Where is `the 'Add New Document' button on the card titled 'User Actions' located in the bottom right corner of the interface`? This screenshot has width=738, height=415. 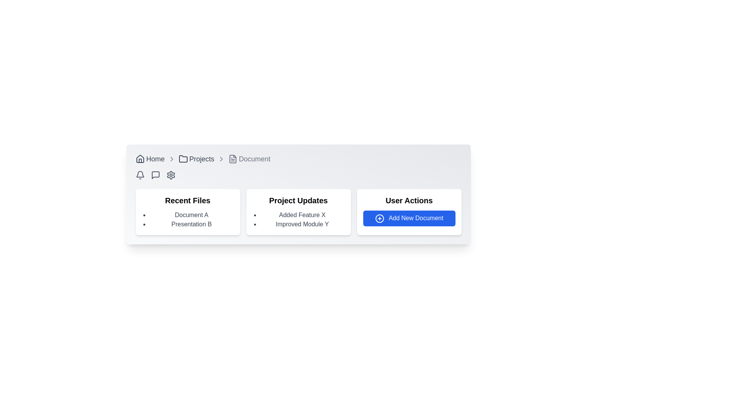
the 'Add New Document' button on the card titled 'User Actions' located in the bottom right corner of the interface is located at coordinates (409, 212).